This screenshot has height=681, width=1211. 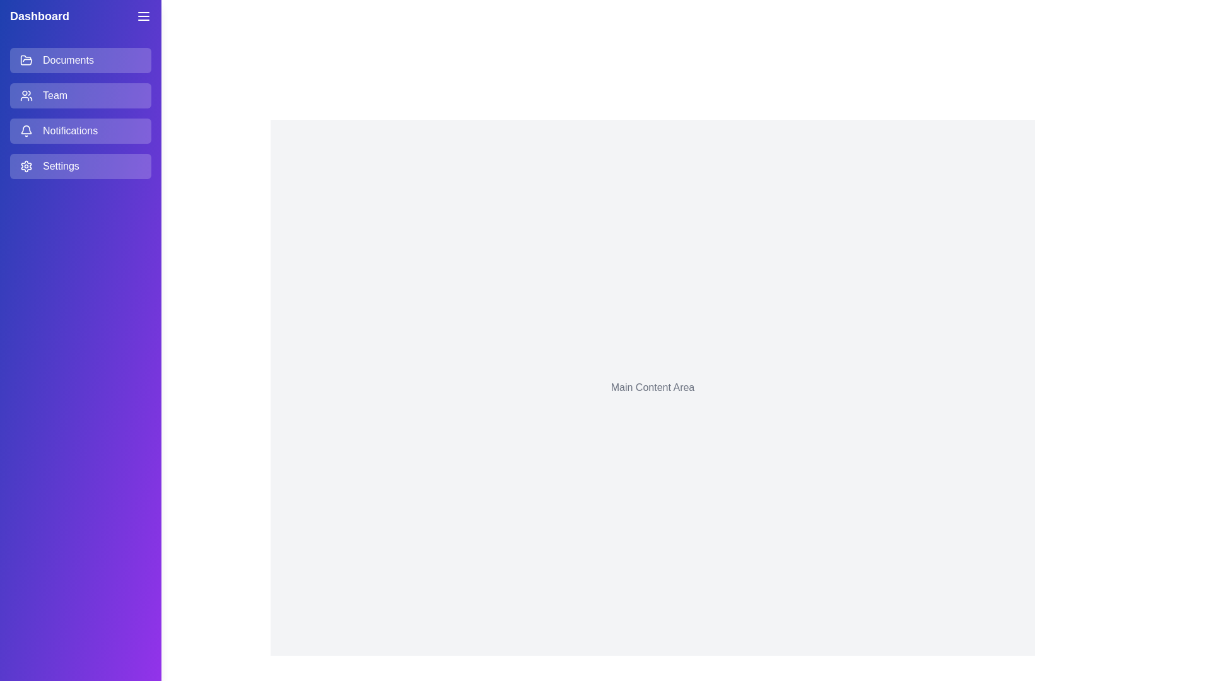 I want to click on the menu item Documents from the list, so click(x=80, y=61).